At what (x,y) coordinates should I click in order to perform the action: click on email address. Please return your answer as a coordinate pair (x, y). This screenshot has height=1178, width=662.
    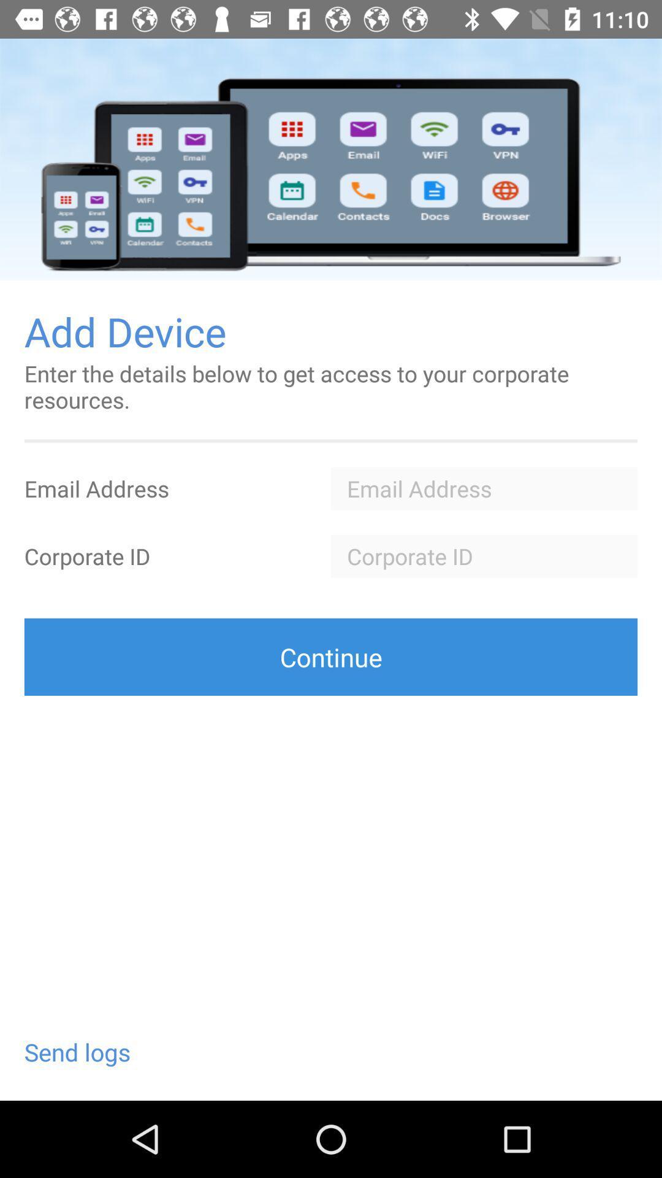
    Looking at the image, I should click on (484, 488).